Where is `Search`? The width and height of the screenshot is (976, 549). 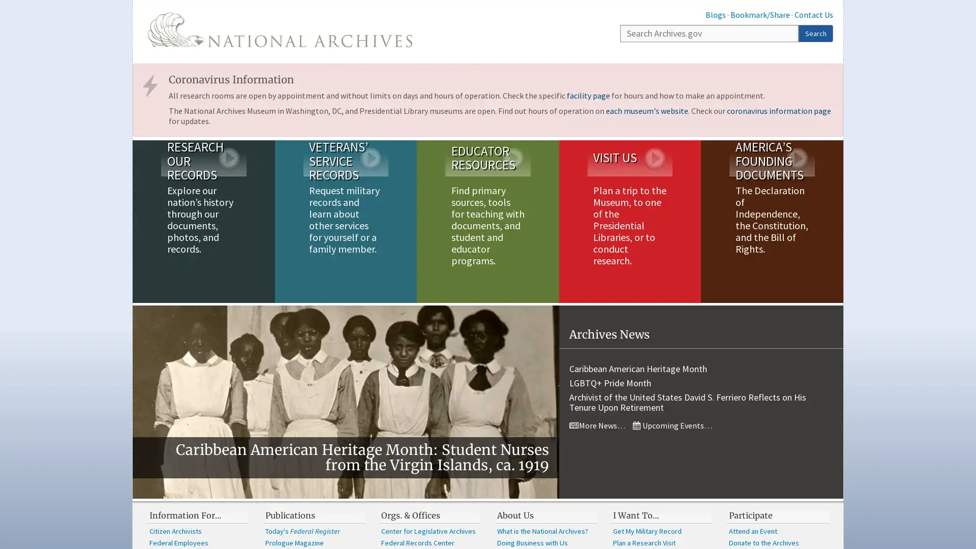
Search is located at coordinates (815, 33).